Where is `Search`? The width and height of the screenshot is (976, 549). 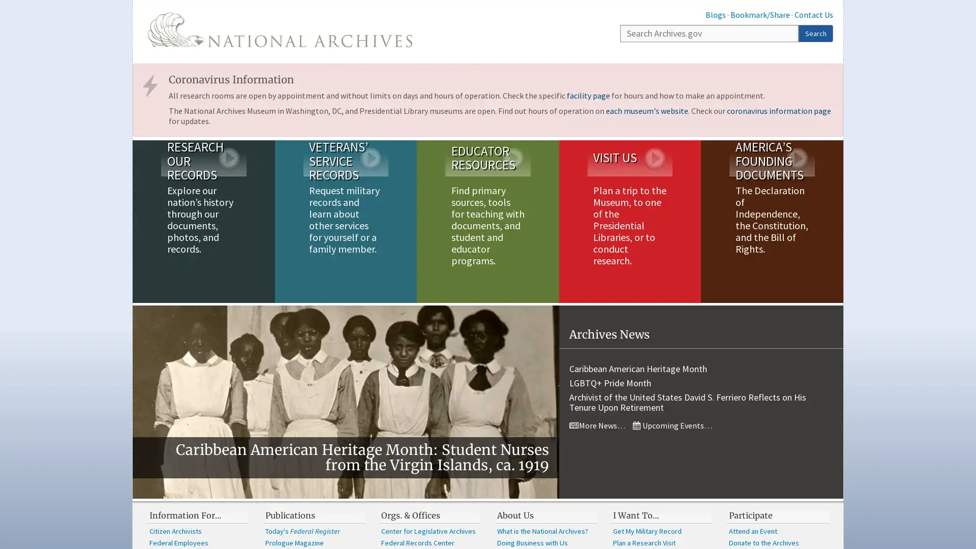
Search is located at coordinates (815, 33).